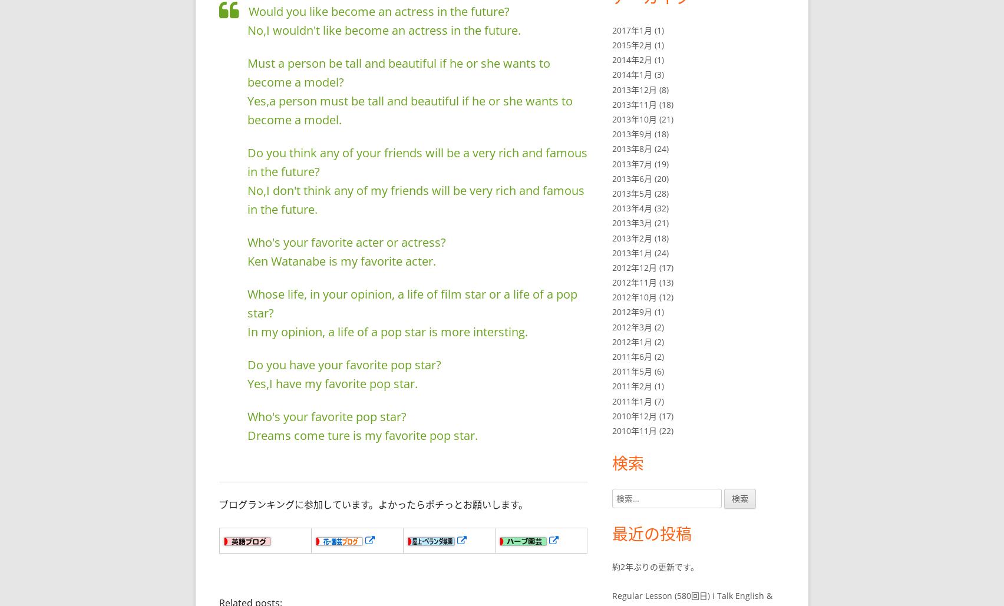  I want to click on 'In my opinion, a life of a pop star is more intersting.', so click(387, 330).